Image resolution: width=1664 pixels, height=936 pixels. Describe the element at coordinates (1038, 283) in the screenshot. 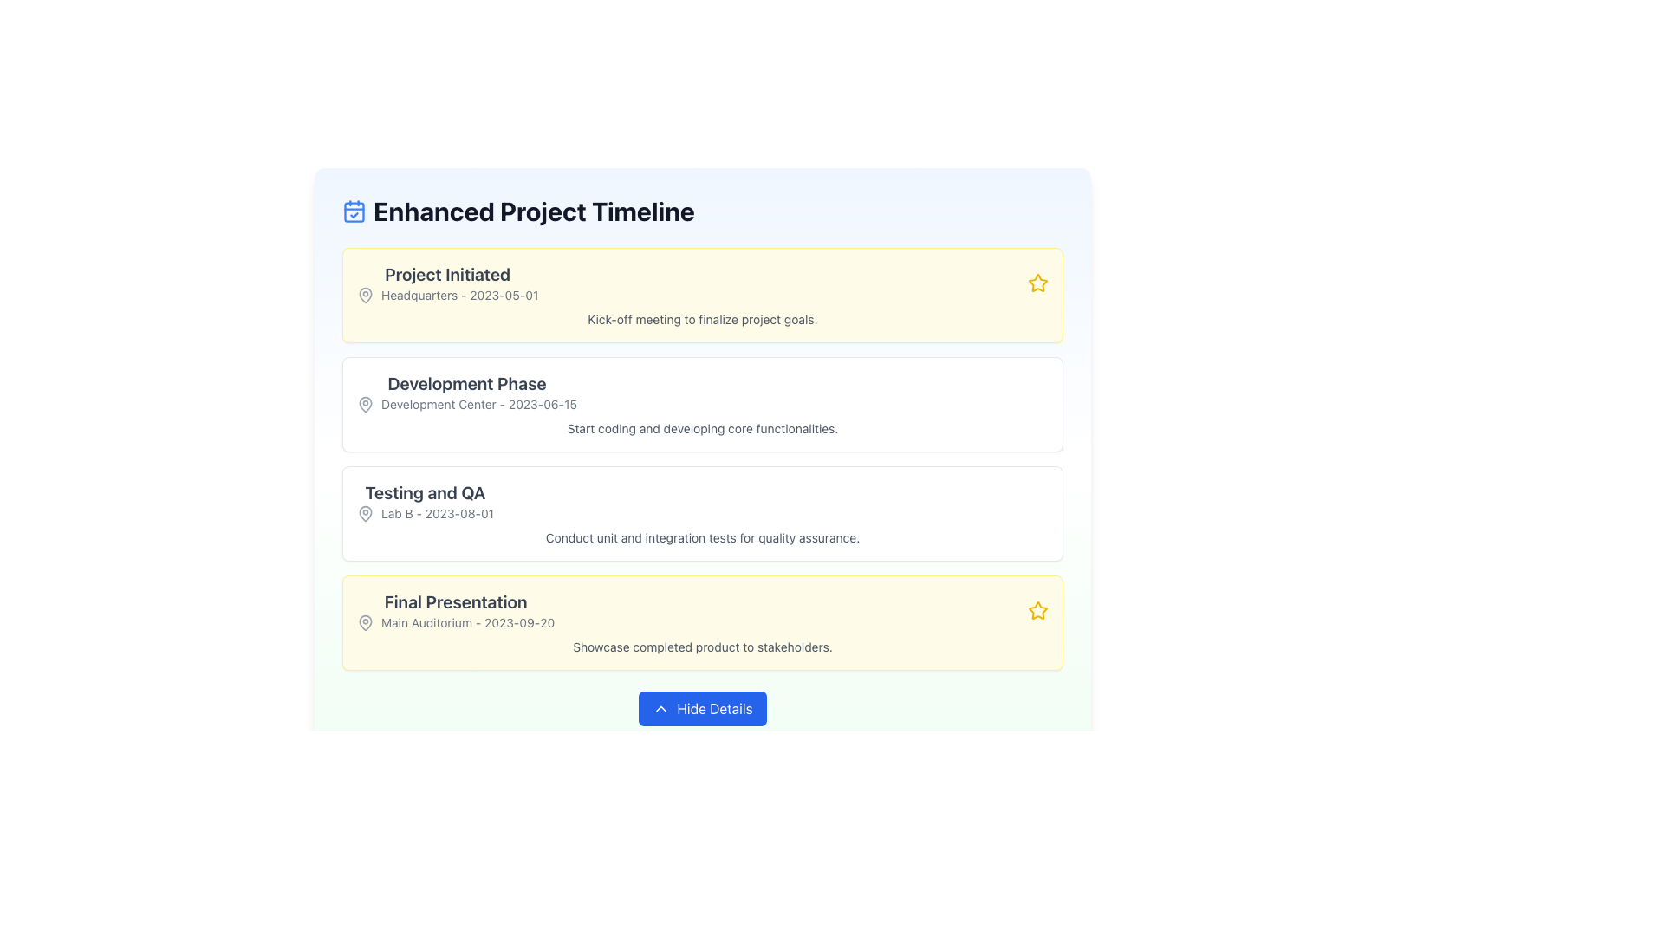

I see `the star icon located in the 'Project Initiated' entry of the timeline to indicate its importance` at that location.